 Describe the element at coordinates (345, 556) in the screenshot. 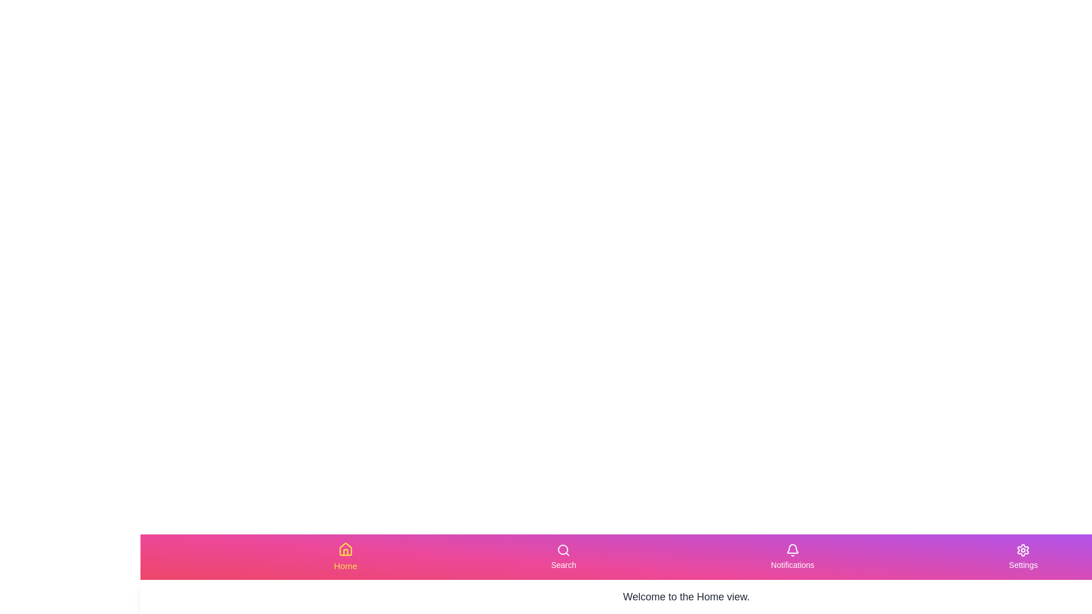

I see `the Home tab in the navigation bar` at that location.